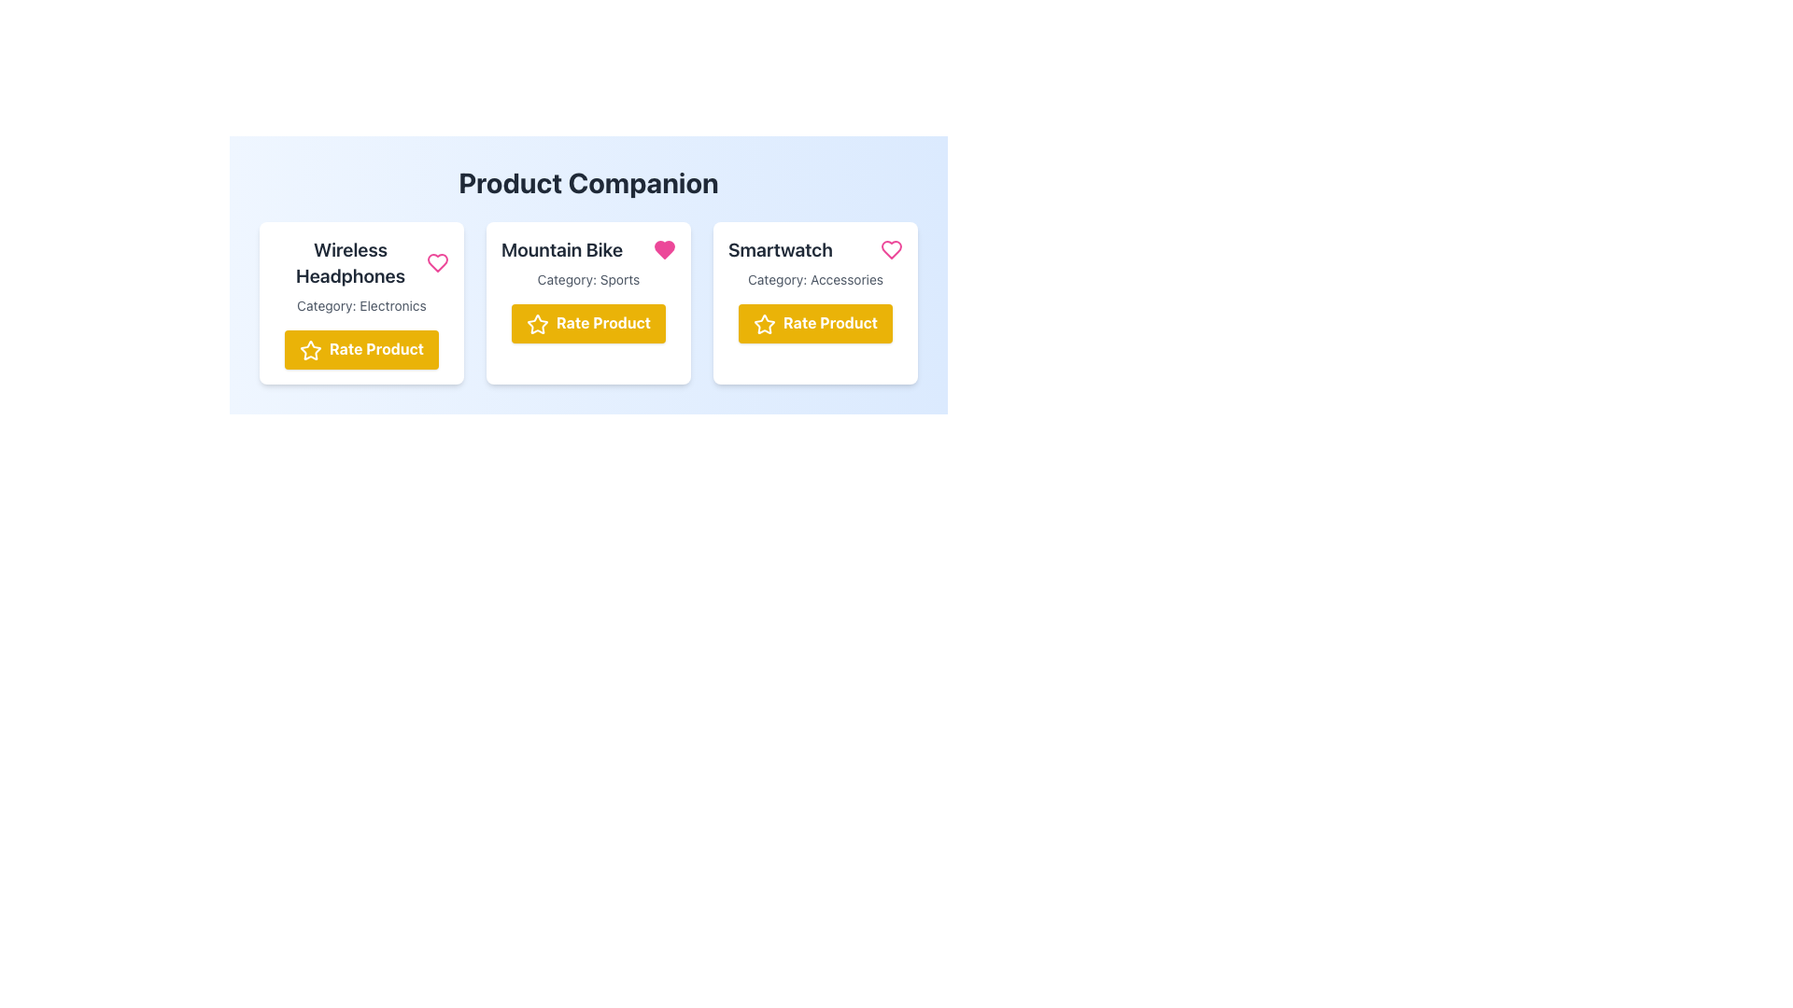 This screenshot has width=1793, height=1008. Describe the element at coordinates (587, 322) in the screenshot. I see `the rating button located in the center of the 'Mountain Bike' card under the 'Product Companion' section to initiate the rating process` at that location.